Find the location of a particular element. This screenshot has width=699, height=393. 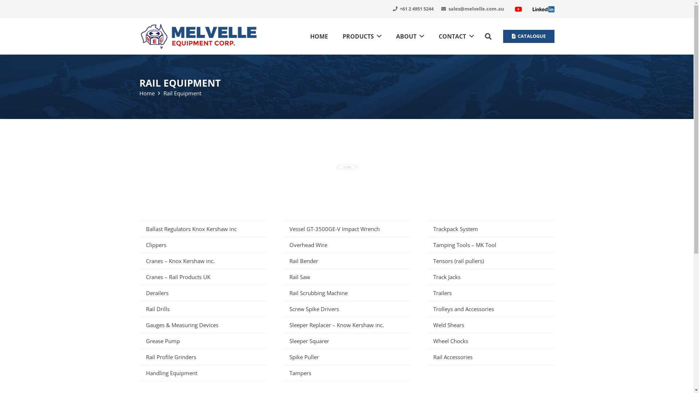

'Derailers' is located at coordinates (202, 293).